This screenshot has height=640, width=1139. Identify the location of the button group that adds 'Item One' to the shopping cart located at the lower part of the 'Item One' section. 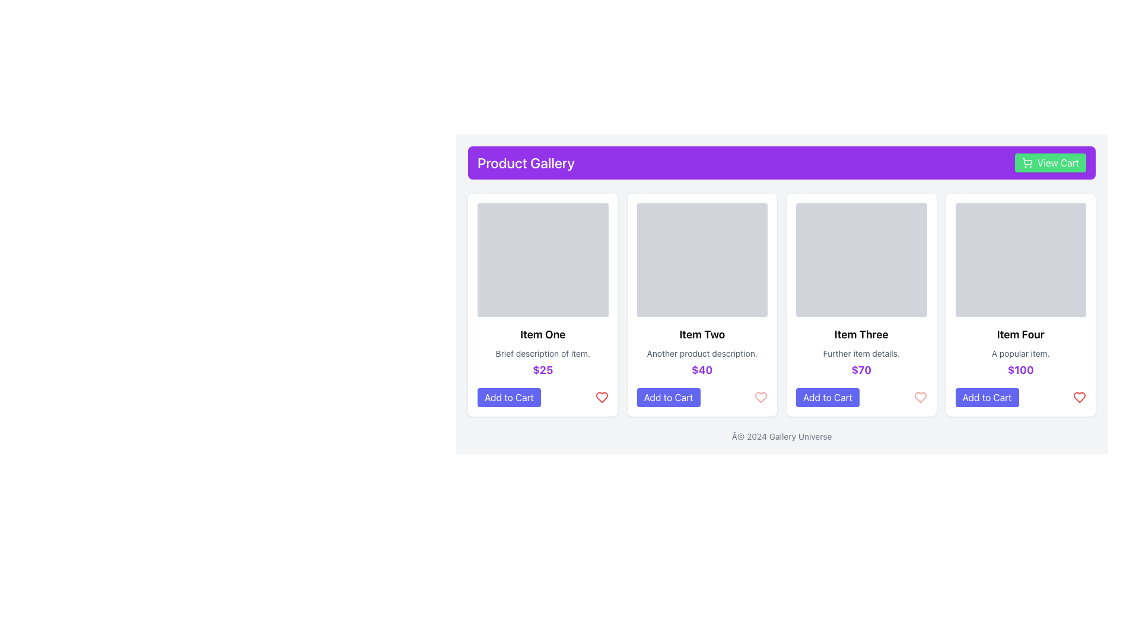
(542, 398).